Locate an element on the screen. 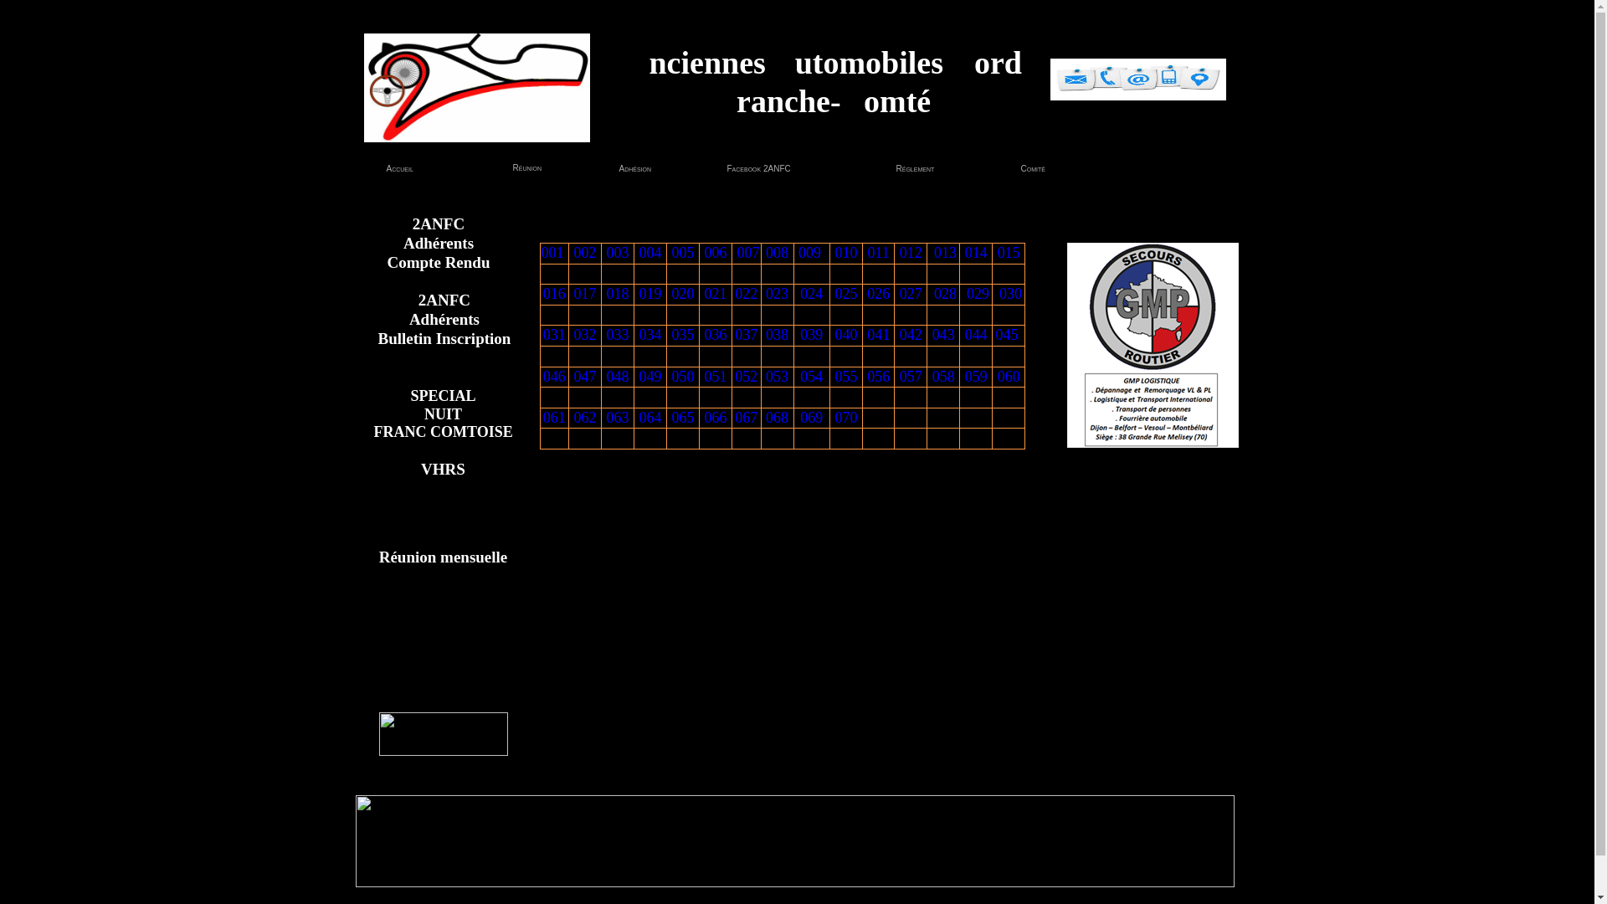  '068' is located at coordinates (776, 416).